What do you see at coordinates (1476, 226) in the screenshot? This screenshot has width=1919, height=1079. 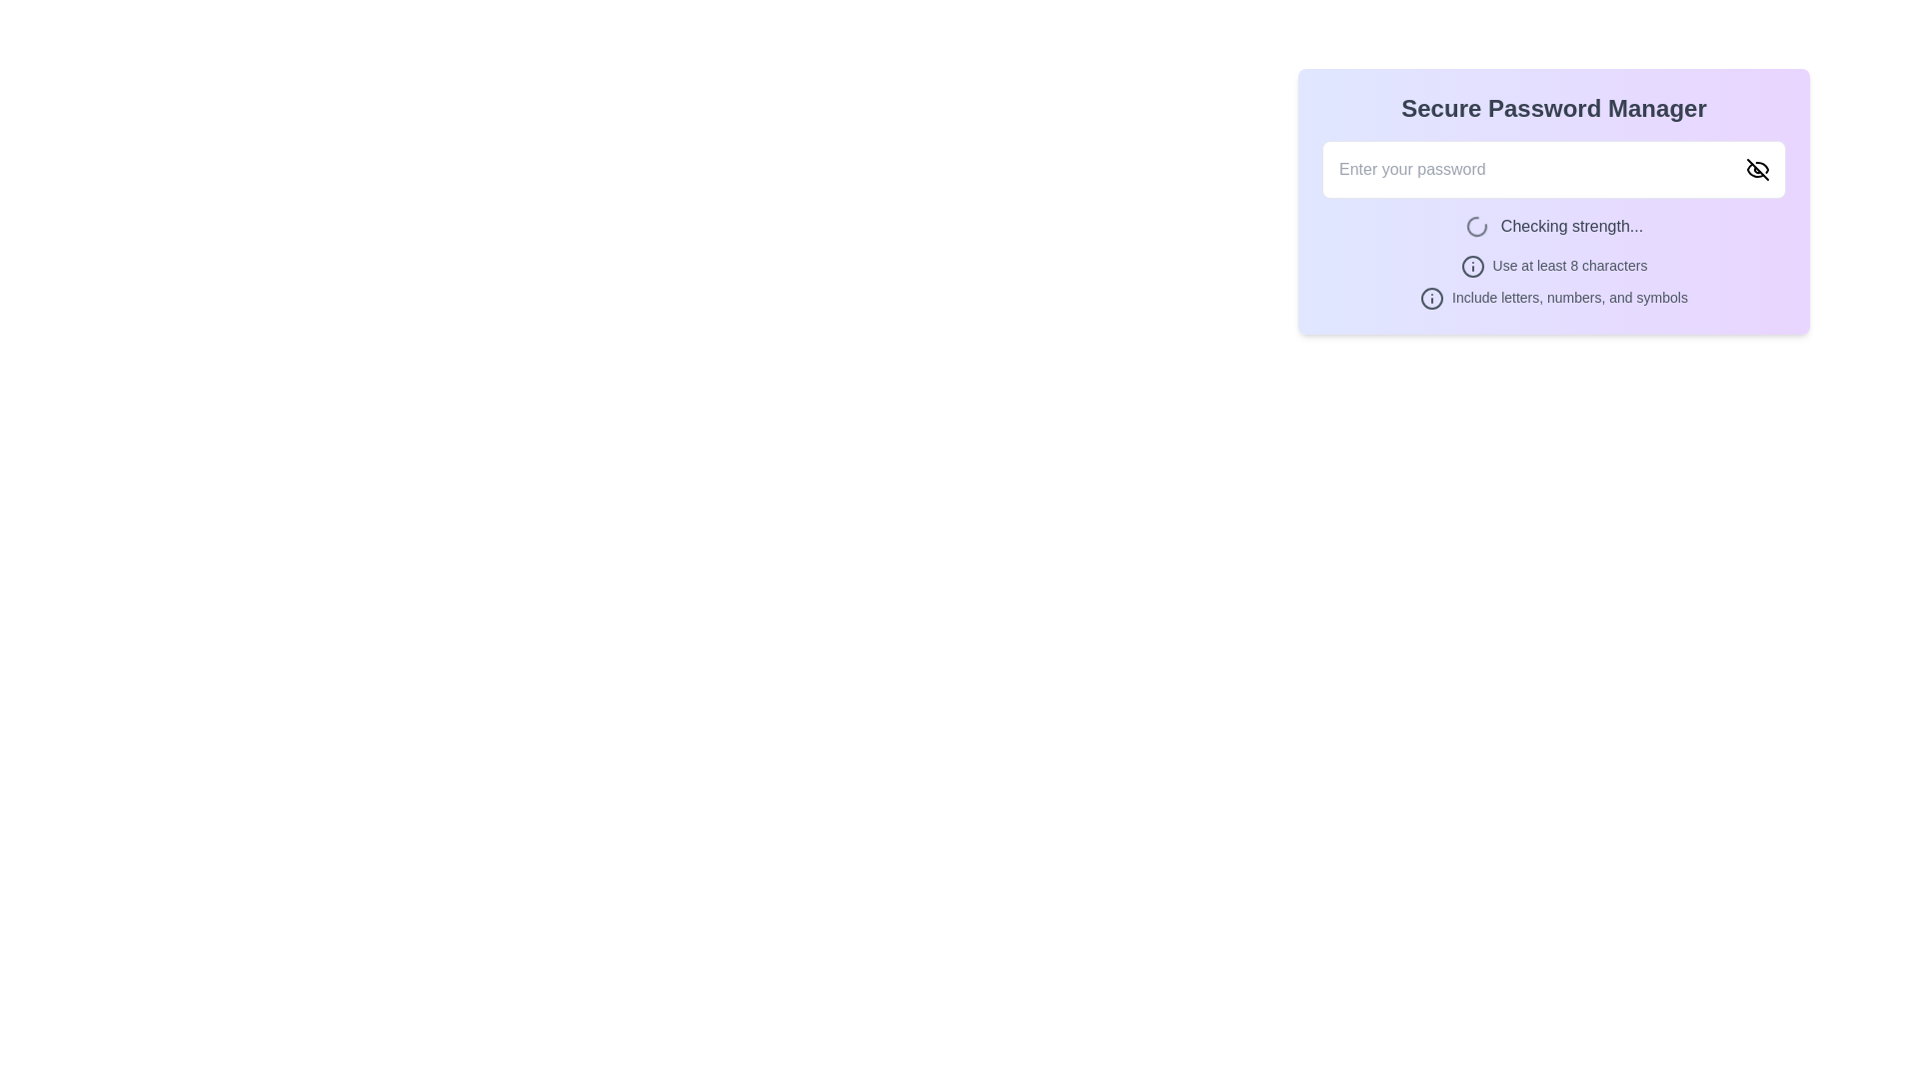 I see `the circular animated graphical loader with a gray outline located beside the text 'Checking strength...' in the password strength indicator section` at bounding box center [1476, 226].